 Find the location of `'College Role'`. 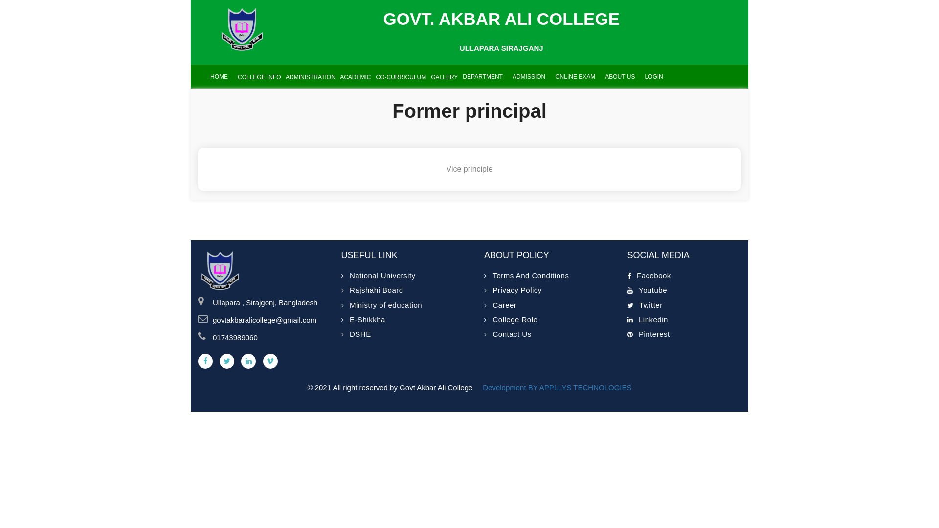

'College Role' is located at coordinates (510, 319).